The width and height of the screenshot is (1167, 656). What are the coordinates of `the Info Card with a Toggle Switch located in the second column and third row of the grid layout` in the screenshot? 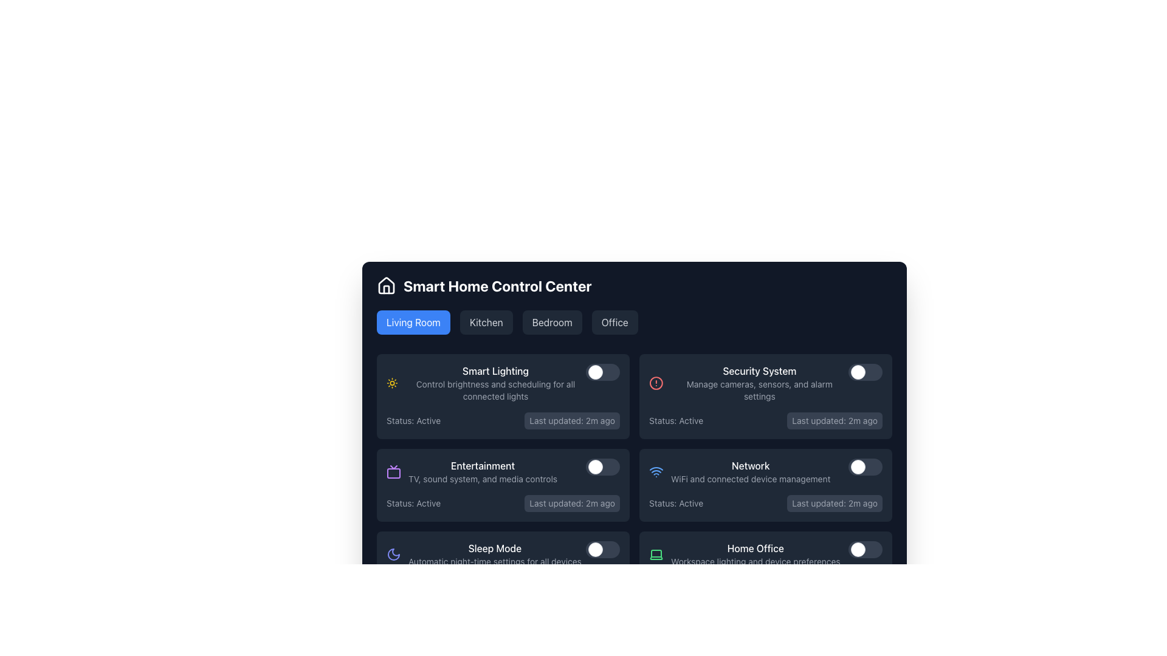 It's located at (765, 484).